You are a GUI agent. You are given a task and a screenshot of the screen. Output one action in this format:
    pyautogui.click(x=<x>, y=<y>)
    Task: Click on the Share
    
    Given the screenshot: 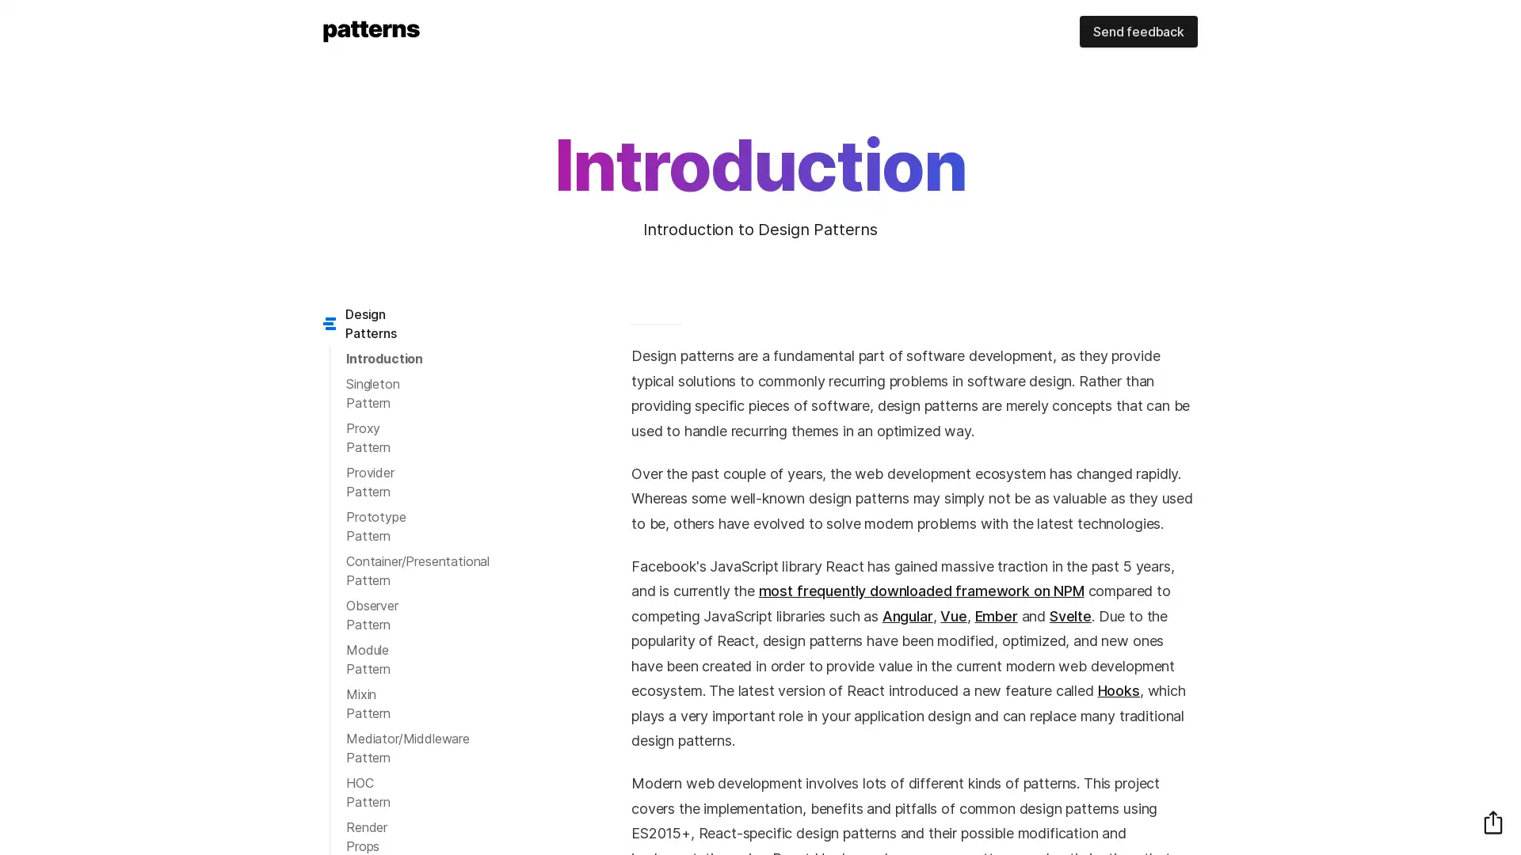 What is the action you would take?
    pyautogui.click(x=1492, y=821)
    